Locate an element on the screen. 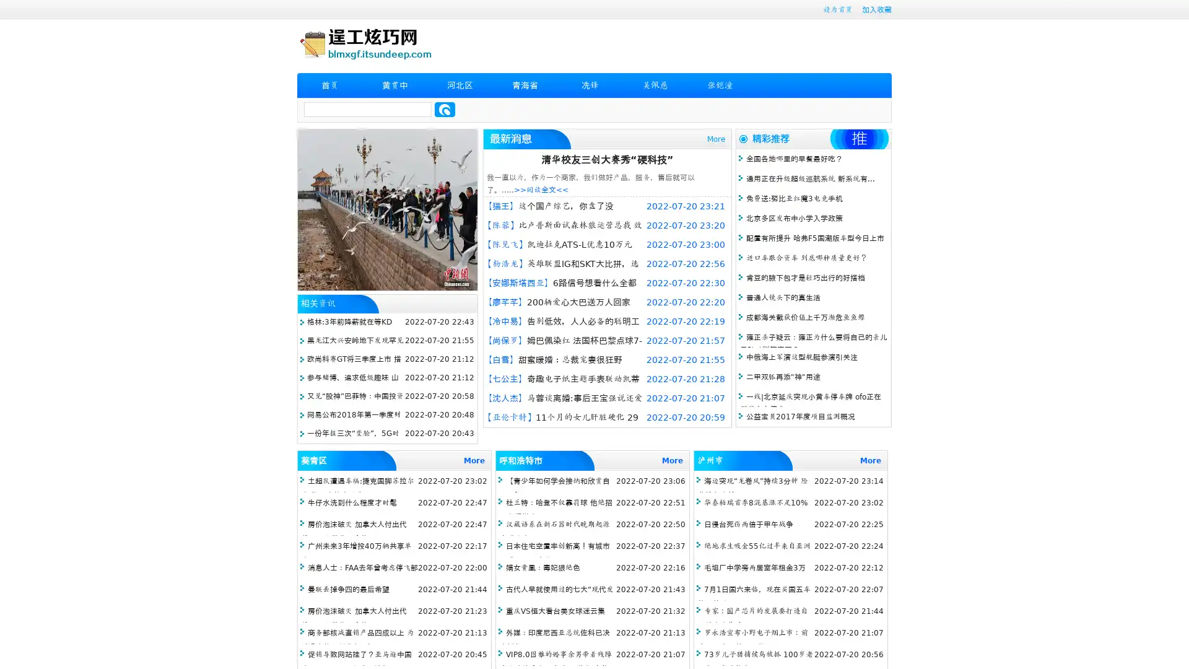 The height and width of the screenshot is (669, 1189). Search is located at coordinates (445, 109).